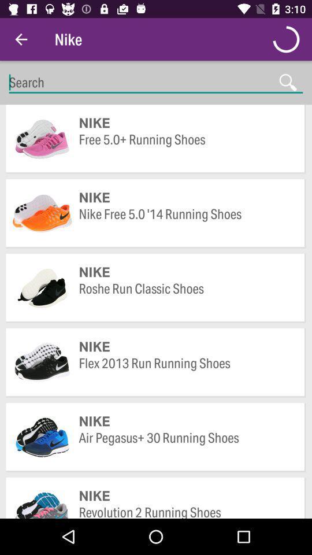 The width and height of the screenshot is (312, 555). I want to click on the roshe run classic, so click(186, 297).